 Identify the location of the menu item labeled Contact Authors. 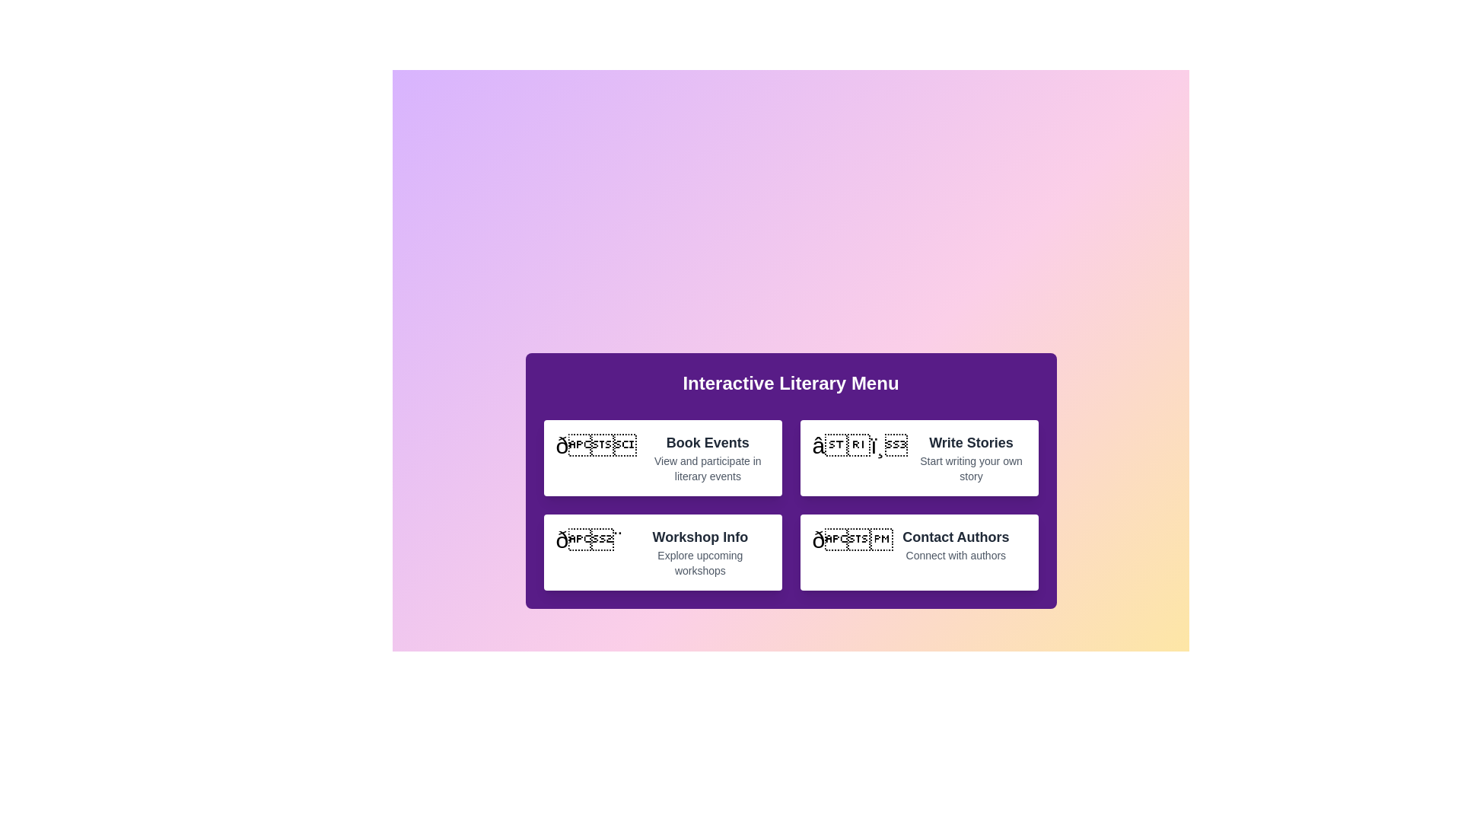
(918, 552).